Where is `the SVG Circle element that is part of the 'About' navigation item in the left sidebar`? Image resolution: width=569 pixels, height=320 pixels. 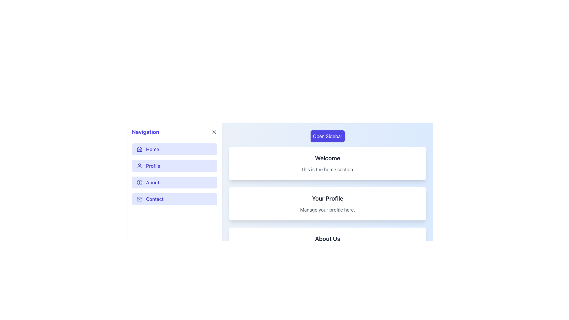 the SVG Circle element that is part of the 'About' navigation item in the left sidebar is located at coordinates (139, 182).